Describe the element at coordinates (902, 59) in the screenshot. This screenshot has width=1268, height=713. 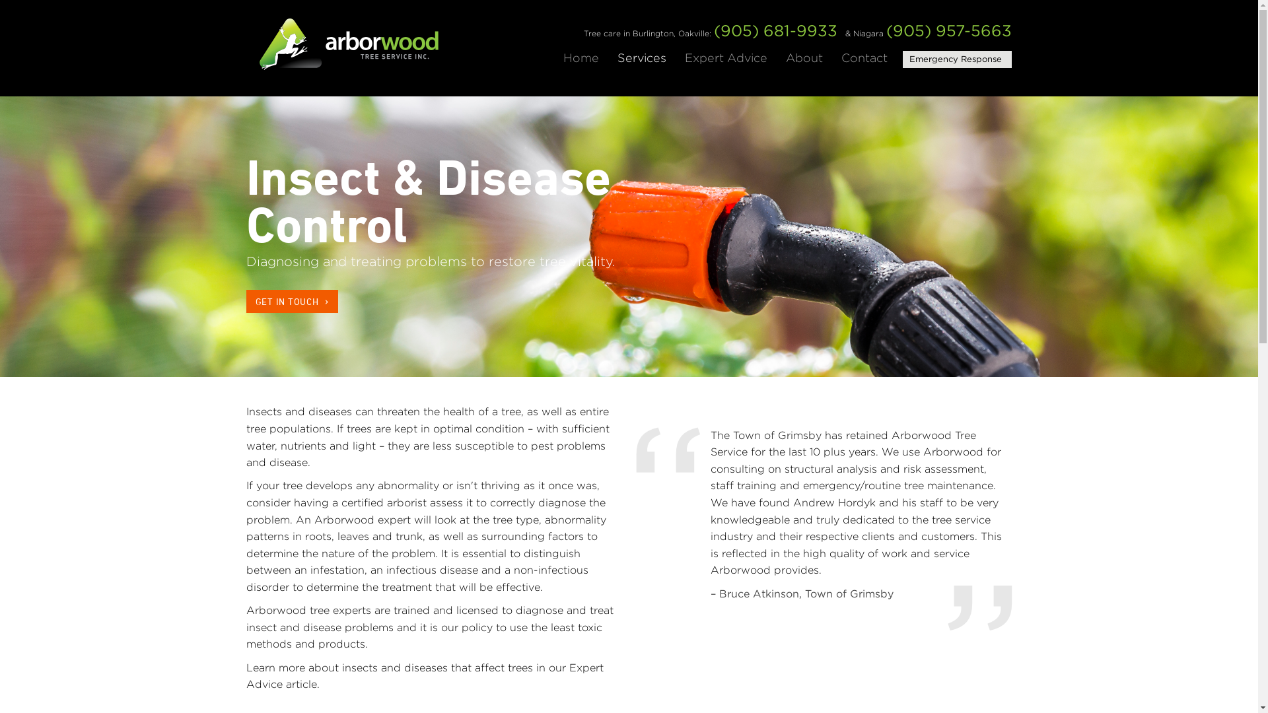
I see `'Emergency Response'` at that location.